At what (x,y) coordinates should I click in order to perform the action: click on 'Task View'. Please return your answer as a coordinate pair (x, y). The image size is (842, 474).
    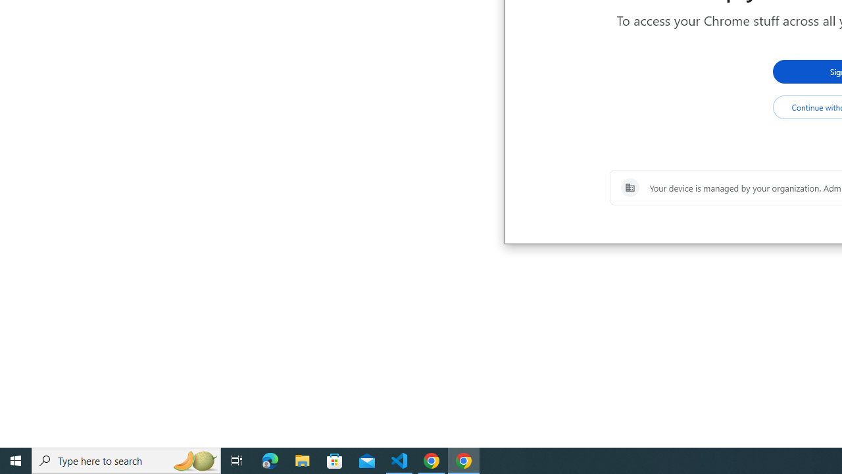
    Looking at the image, I should click on (236, 460).